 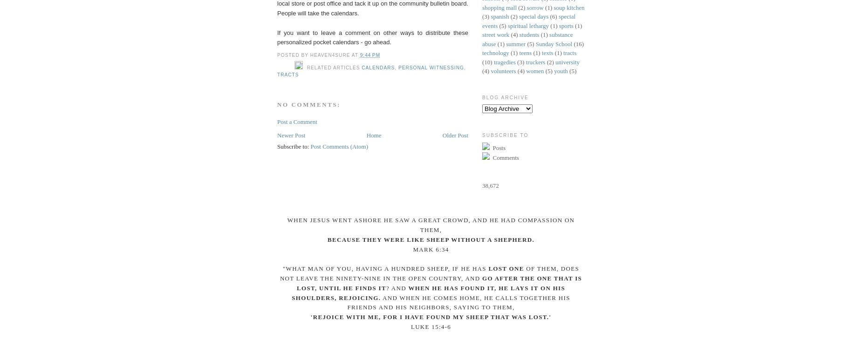 I want to click on 'Post a Comment', so click(x=277, y=121).